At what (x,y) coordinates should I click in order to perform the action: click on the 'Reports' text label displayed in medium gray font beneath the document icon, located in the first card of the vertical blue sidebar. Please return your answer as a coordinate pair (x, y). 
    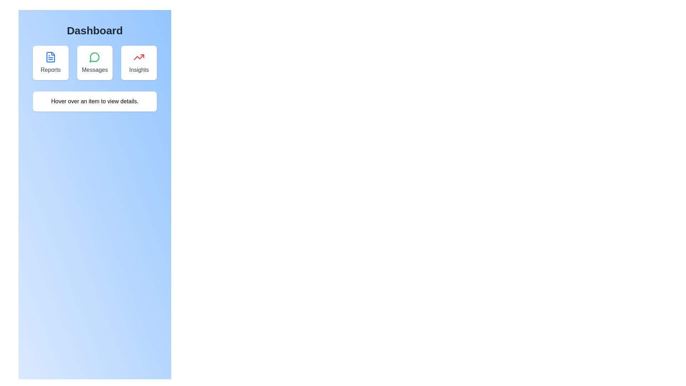
    Looking at the image, I should click on (50, 70).